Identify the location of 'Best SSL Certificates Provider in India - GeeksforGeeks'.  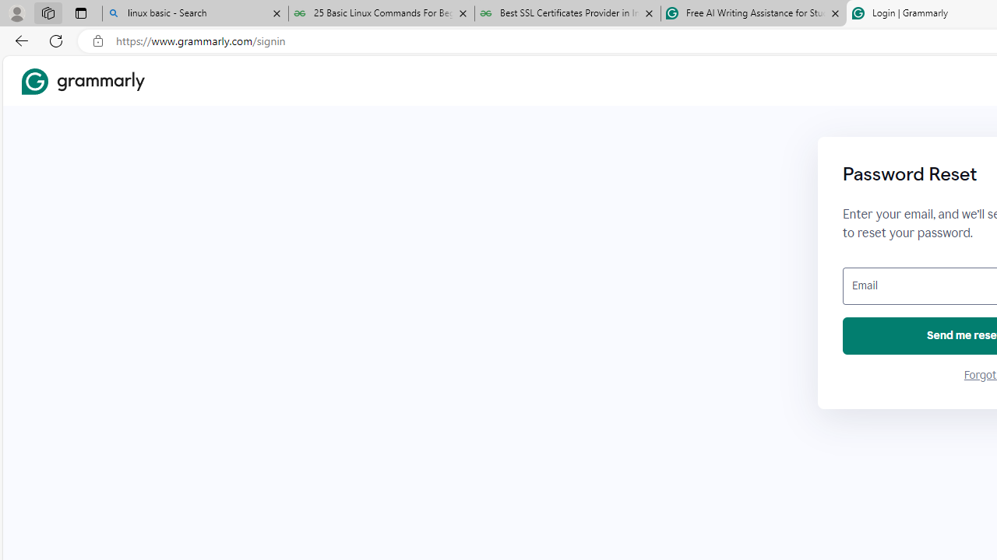
(567, 13).